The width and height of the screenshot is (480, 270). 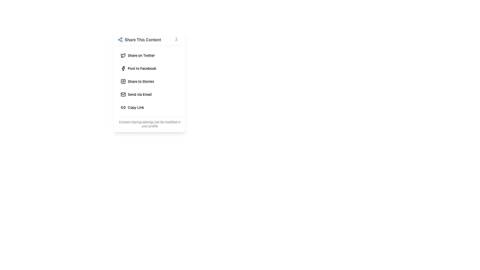 What do you see at coordinates (142, 68) in the screenshot?
I see `the 'Post to Facebook' text label, which is styled in small font size and medium weight, located below 'Share on Twitter' and above 'Share to Stories'` at bounding box center [142, 68].